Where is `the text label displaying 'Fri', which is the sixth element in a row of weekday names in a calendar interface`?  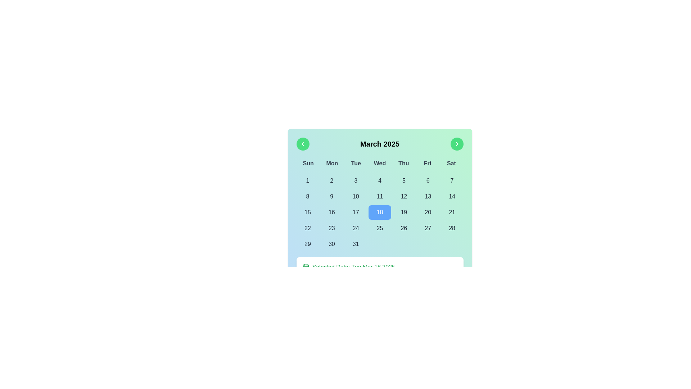 the text label displaying 'Fri', which is the sixth element in a row of weekday names in a calendar interface is located at coordinates (428, 164).